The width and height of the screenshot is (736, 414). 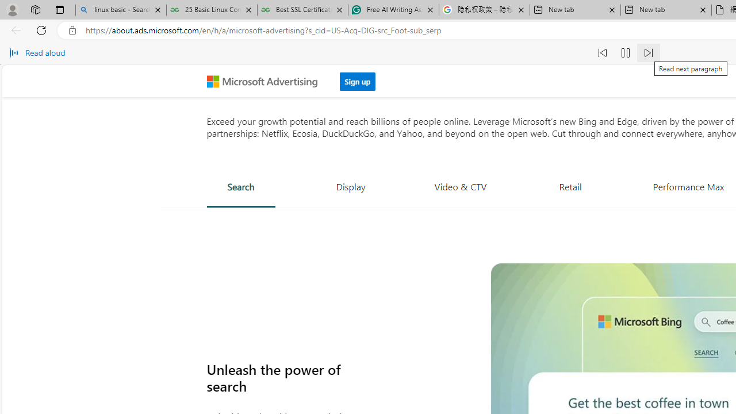 What do you see at coordinates (461, 186) in the screenshot?
I see `'Video & CTV'` at bounding box center [461, 186].